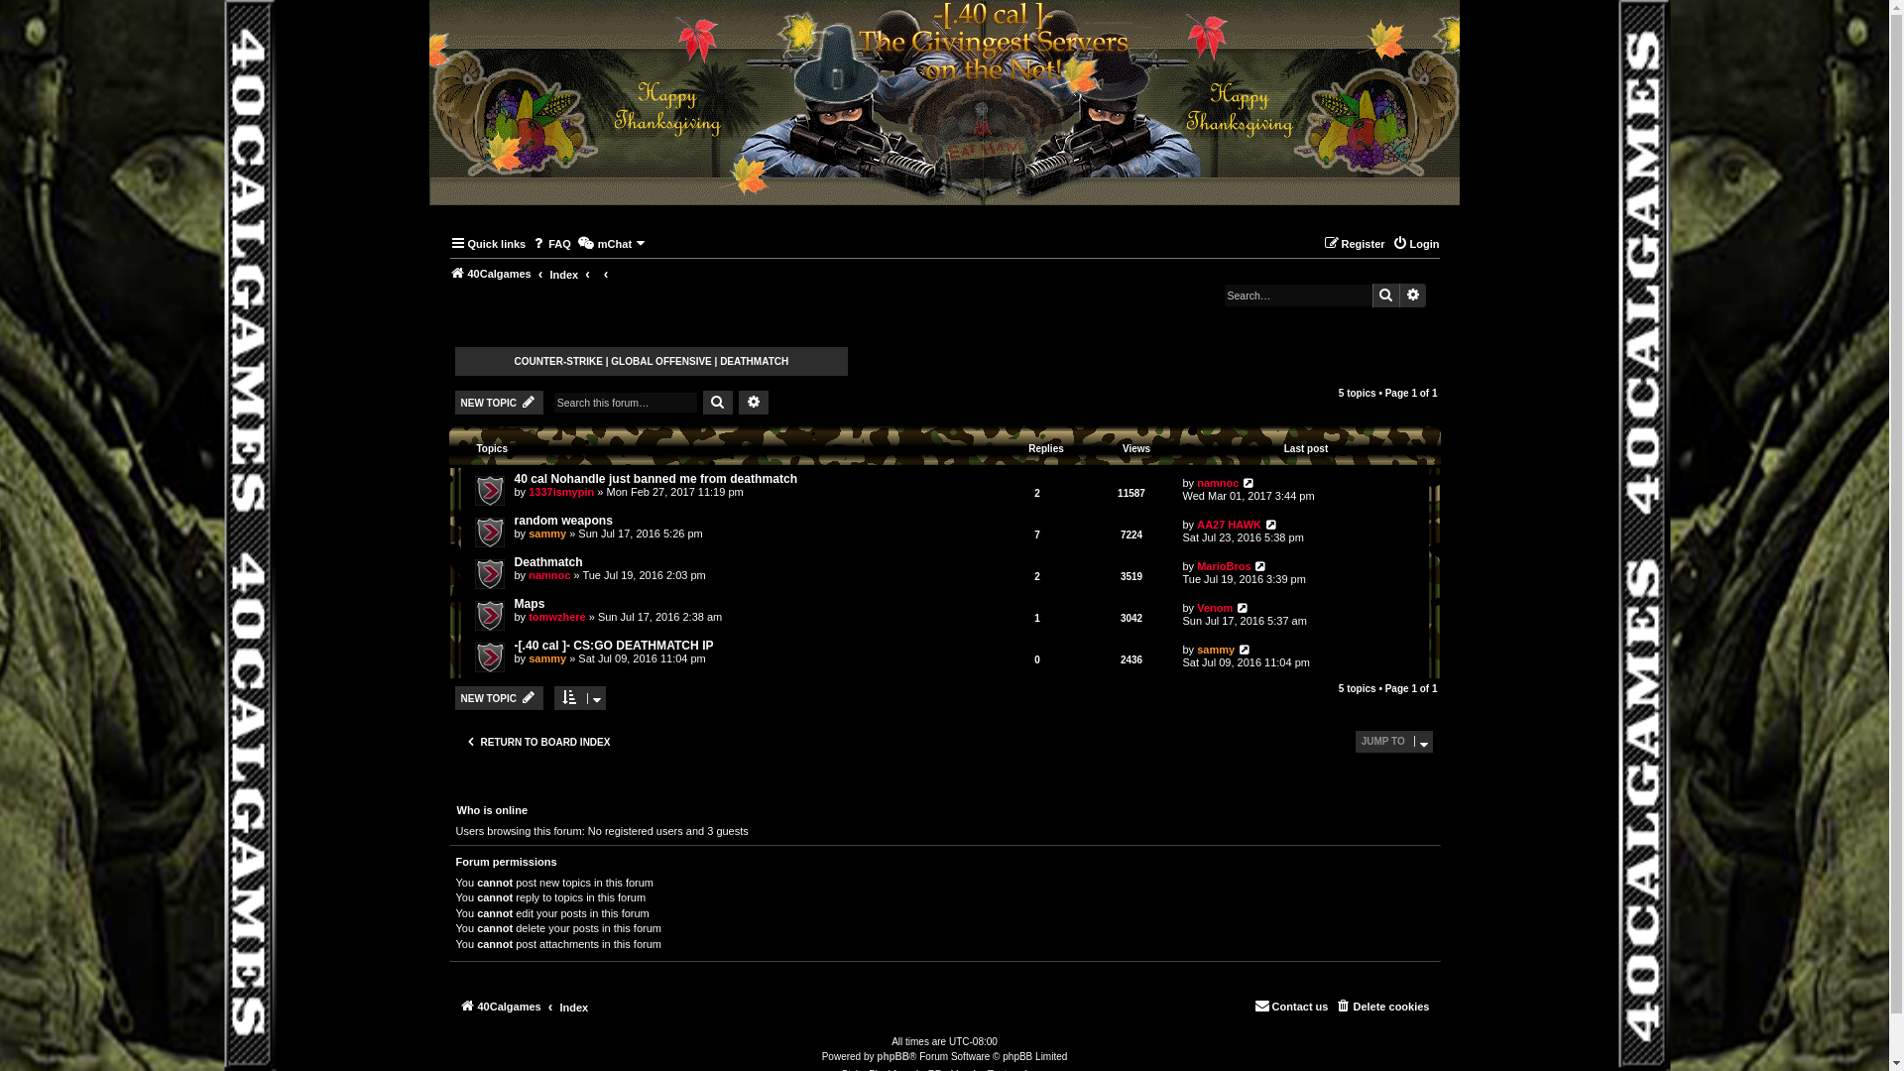  I want to click on 'tomwzhere', so click(555, 615).